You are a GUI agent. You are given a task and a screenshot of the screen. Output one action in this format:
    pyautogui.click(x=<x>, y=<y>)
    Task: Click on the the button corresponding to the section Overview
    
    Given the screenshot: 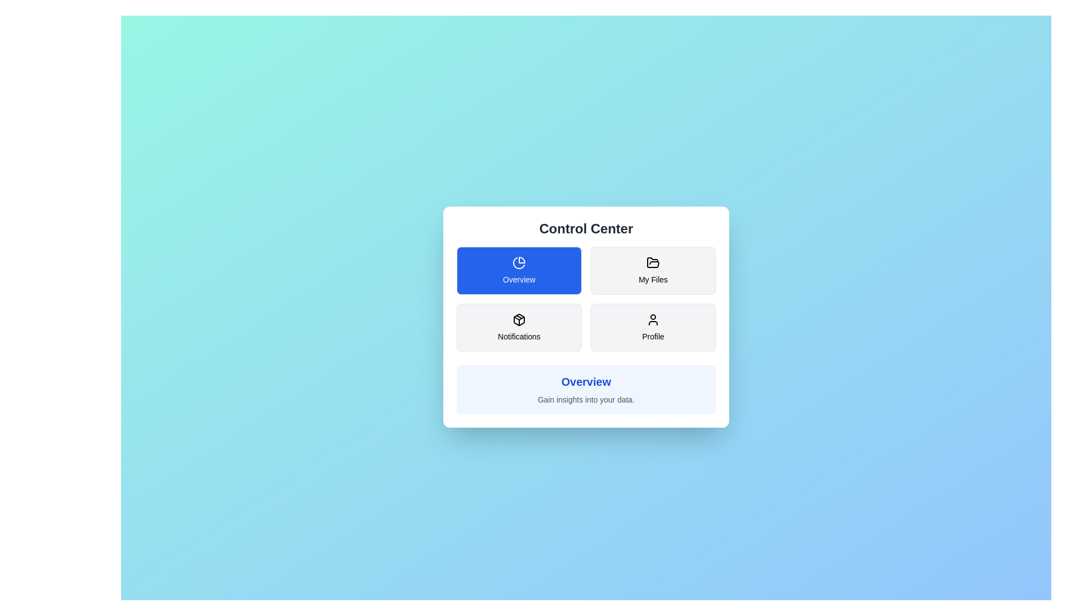 What is the action you would take?
    pyautogui.click(x=519, y=271)
    